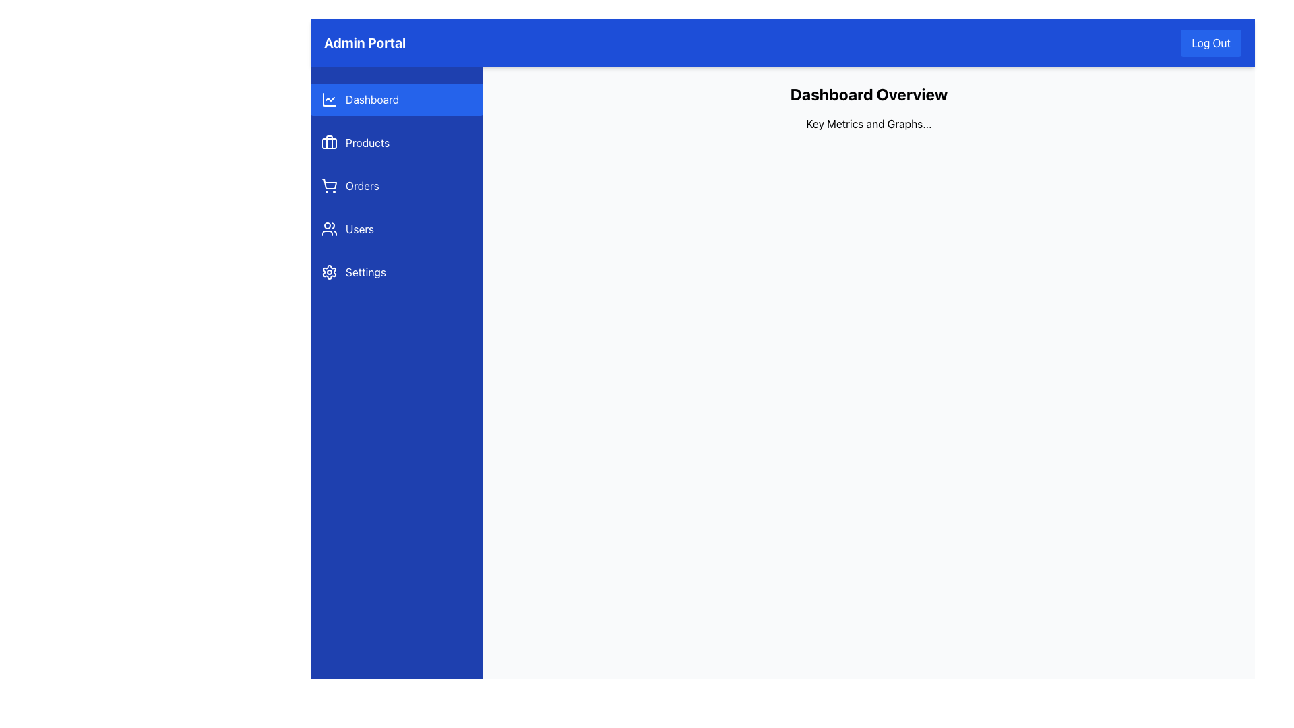 Image resolution: width=1294 pixels, height=728 pixels. I want to click on the text label 'Key Metrics and Graphs...' located beneath the 'Dashboard Overview' title, centered in the header section, so click(869, 124).